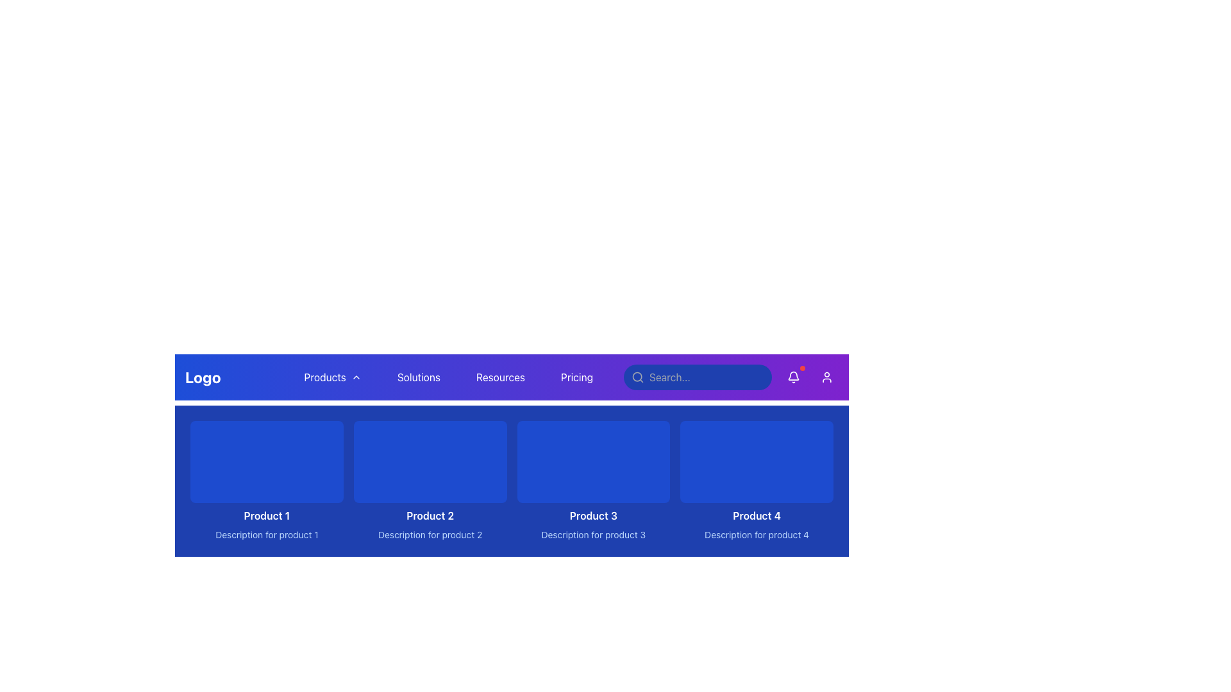  Describe the element at coordinates (637, 376) in the screenshot. I see `the search icon component, which visually represents the search functionality located in the top navigation bar before the text input field` at that location.